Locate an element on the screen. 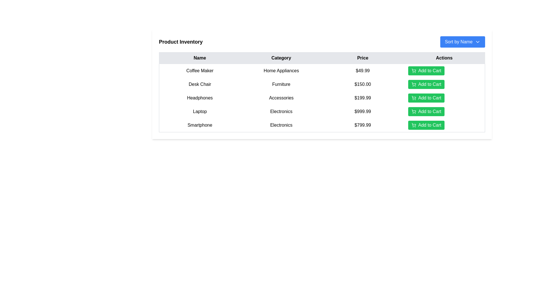  the action button for 'Headphones' located in the 'Actions' column of the product table is located at coordinates (426, 98).